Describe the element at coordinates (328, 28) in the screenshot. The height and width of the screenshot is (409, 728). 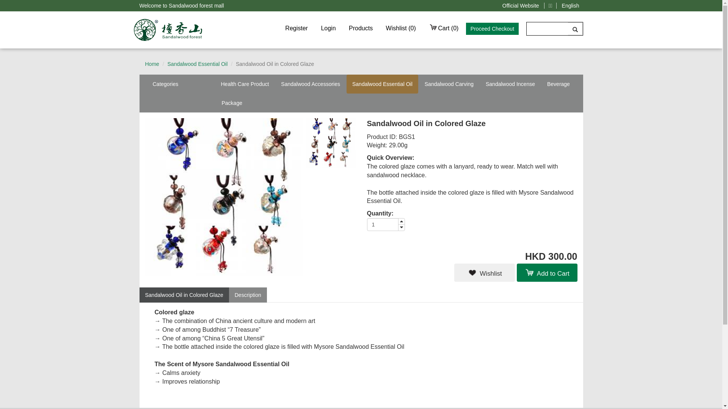
I see `'Login'` at that location.